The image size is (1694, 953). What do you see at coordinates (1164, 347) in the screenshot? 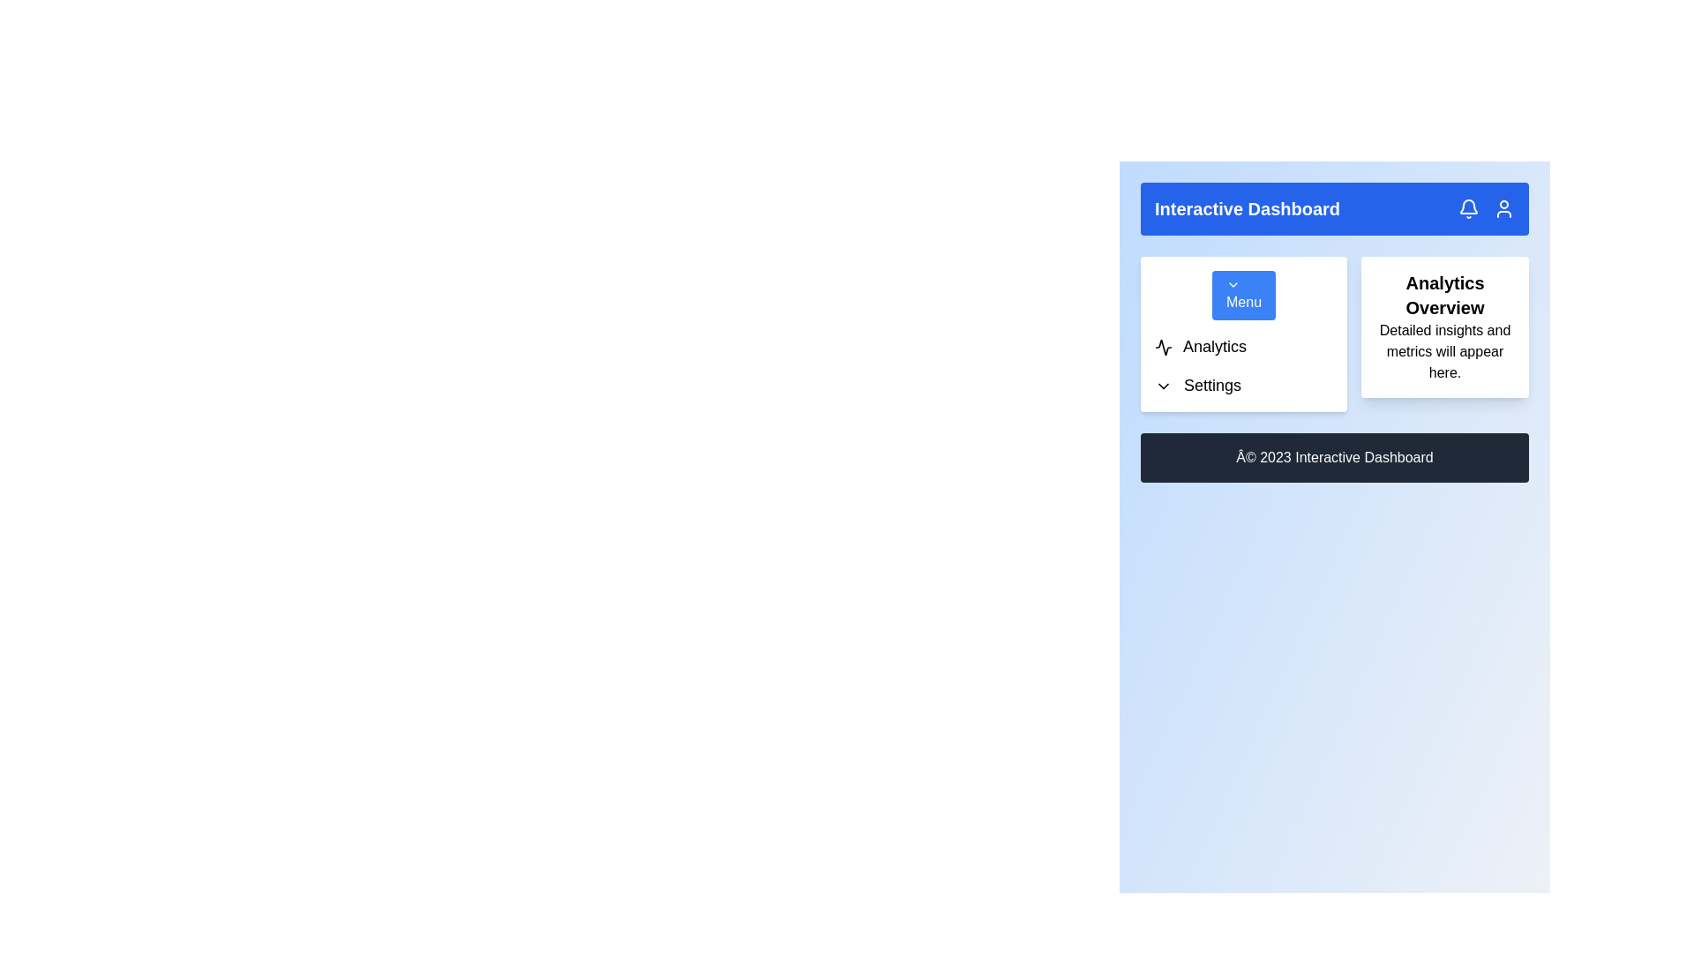
I see `the heartbeat waveform icon located in the top section of the main interactive dashboard interface, to the left of other icons and adjacent to the settings option under the Analytics panel` at bounding box center [1164, 347].